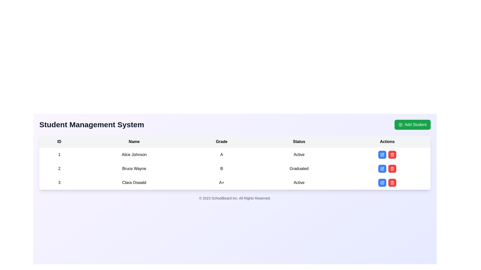 This screenshot has height=270, width=481. I want to click on the static text element displaying 'Graduated' in the 'Status' column of the table, so click(299, 169).